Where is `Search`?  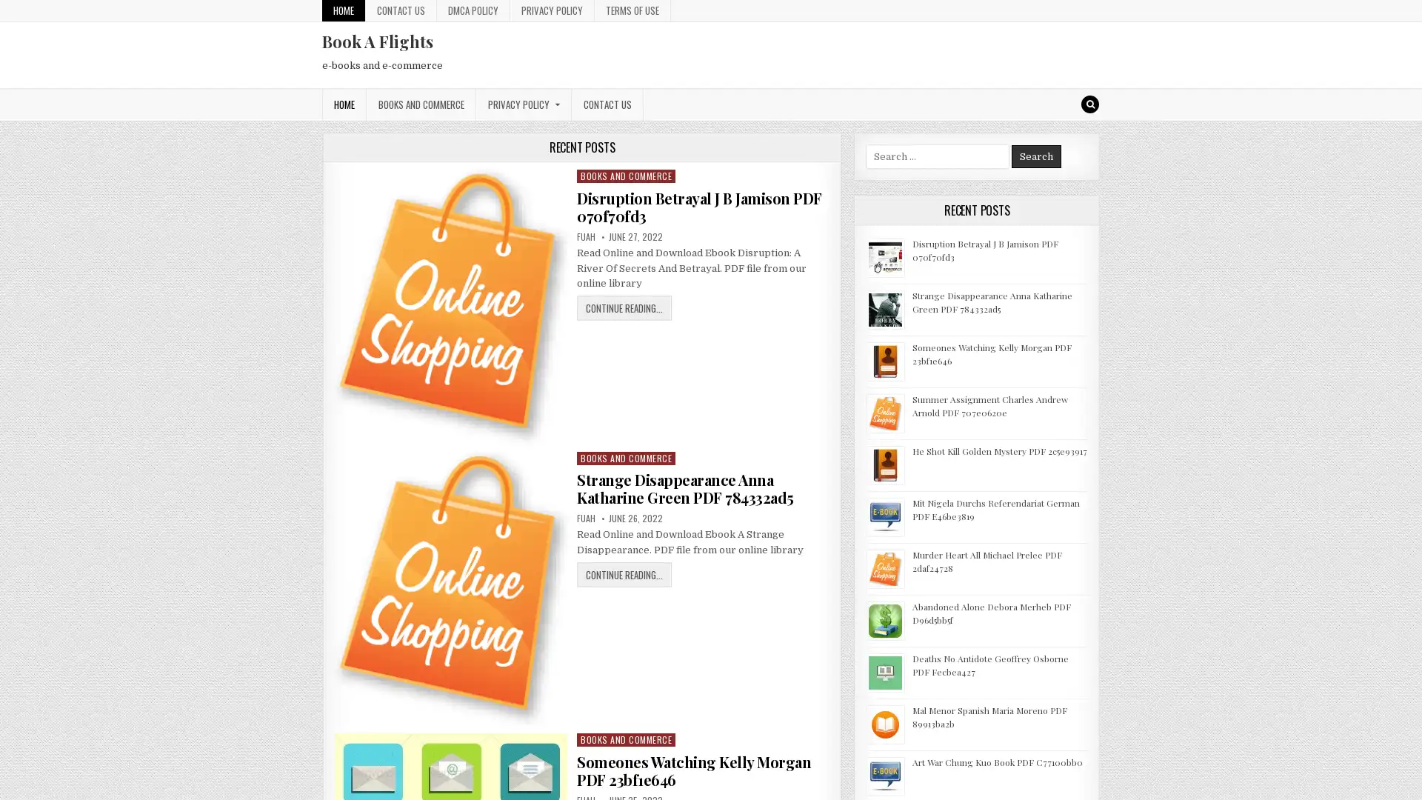
Search is located at coordinates (1035, 156).